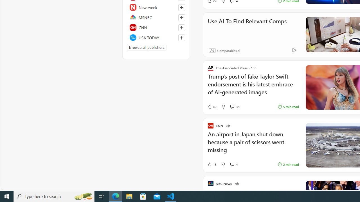 The image size is (360, 202). I want to click on 'Newsweek', so click(156, 7).